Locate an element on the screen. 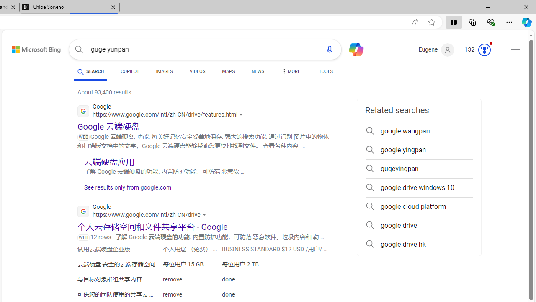 This screenshot has height=302, width=536. 'Read aloud this page (Ctrl+Shift+U)' is located at coordinates (415, 22).